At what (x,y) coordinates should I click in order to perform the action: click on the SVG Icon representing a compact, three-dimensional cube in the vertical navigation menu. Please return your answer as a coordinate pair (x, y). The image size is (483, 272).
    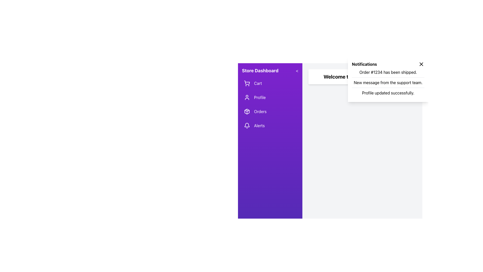
    Looking at the image, I should click on (247, 111).